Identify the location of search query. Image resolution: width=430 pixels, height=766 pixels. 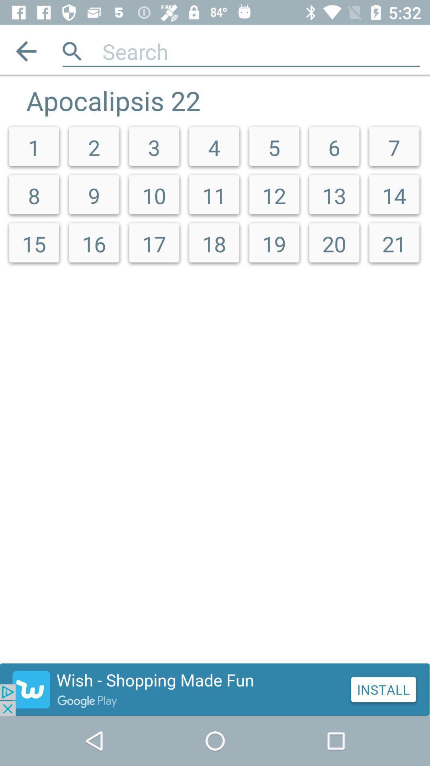
(261, 51).